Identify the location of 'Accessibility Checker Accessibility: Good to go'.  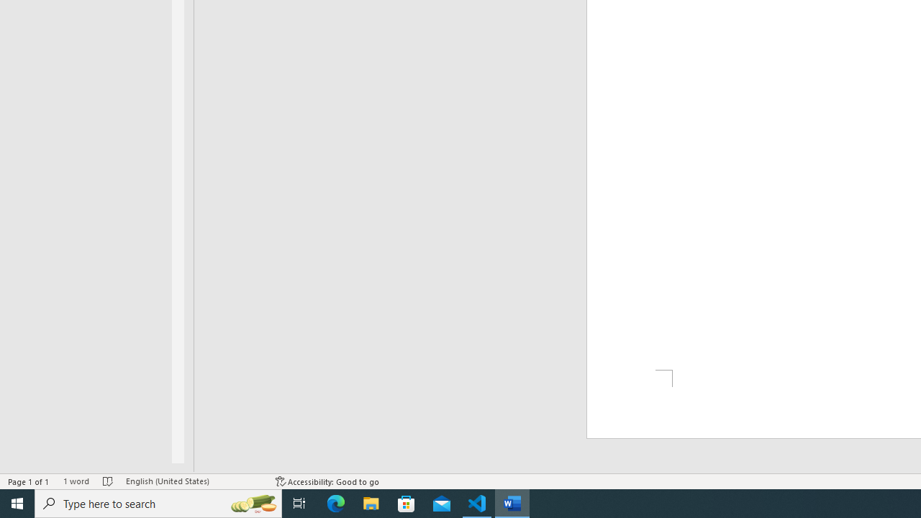
(327, 481).